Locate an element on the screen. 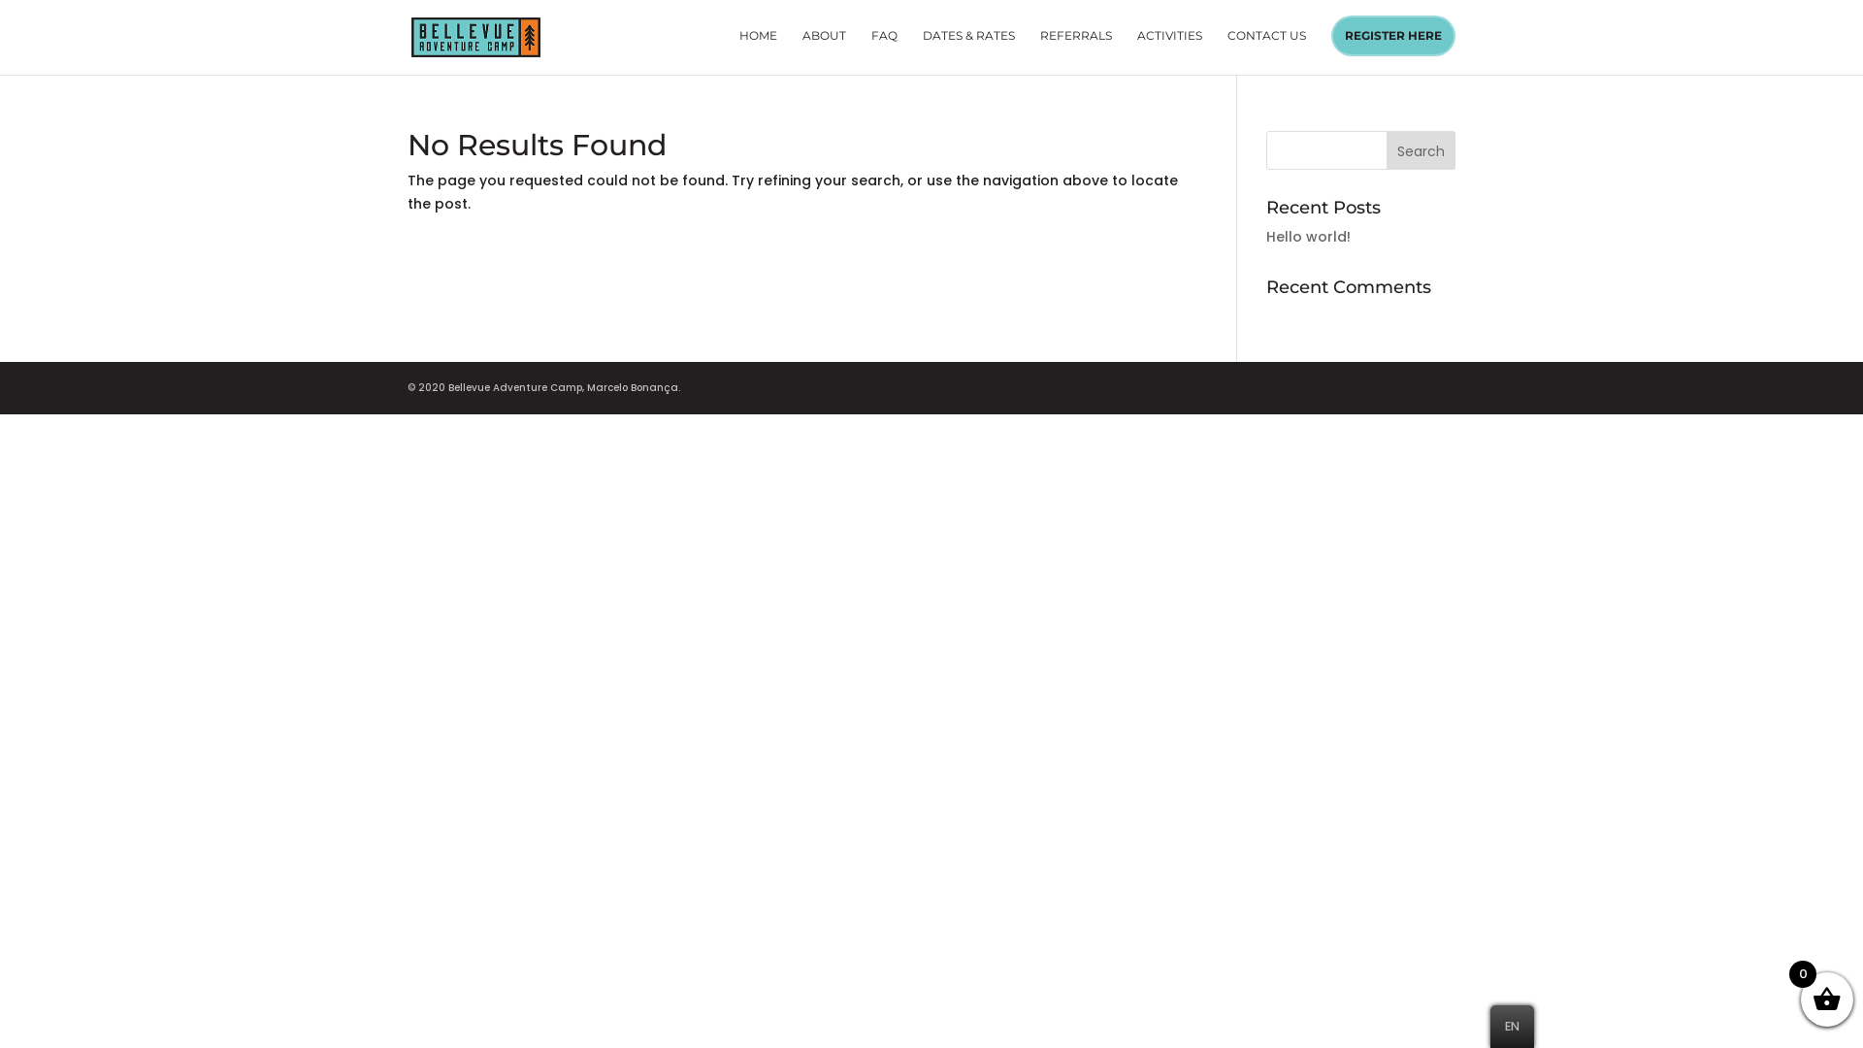  'Search' is located at coordinates (1421, 148).